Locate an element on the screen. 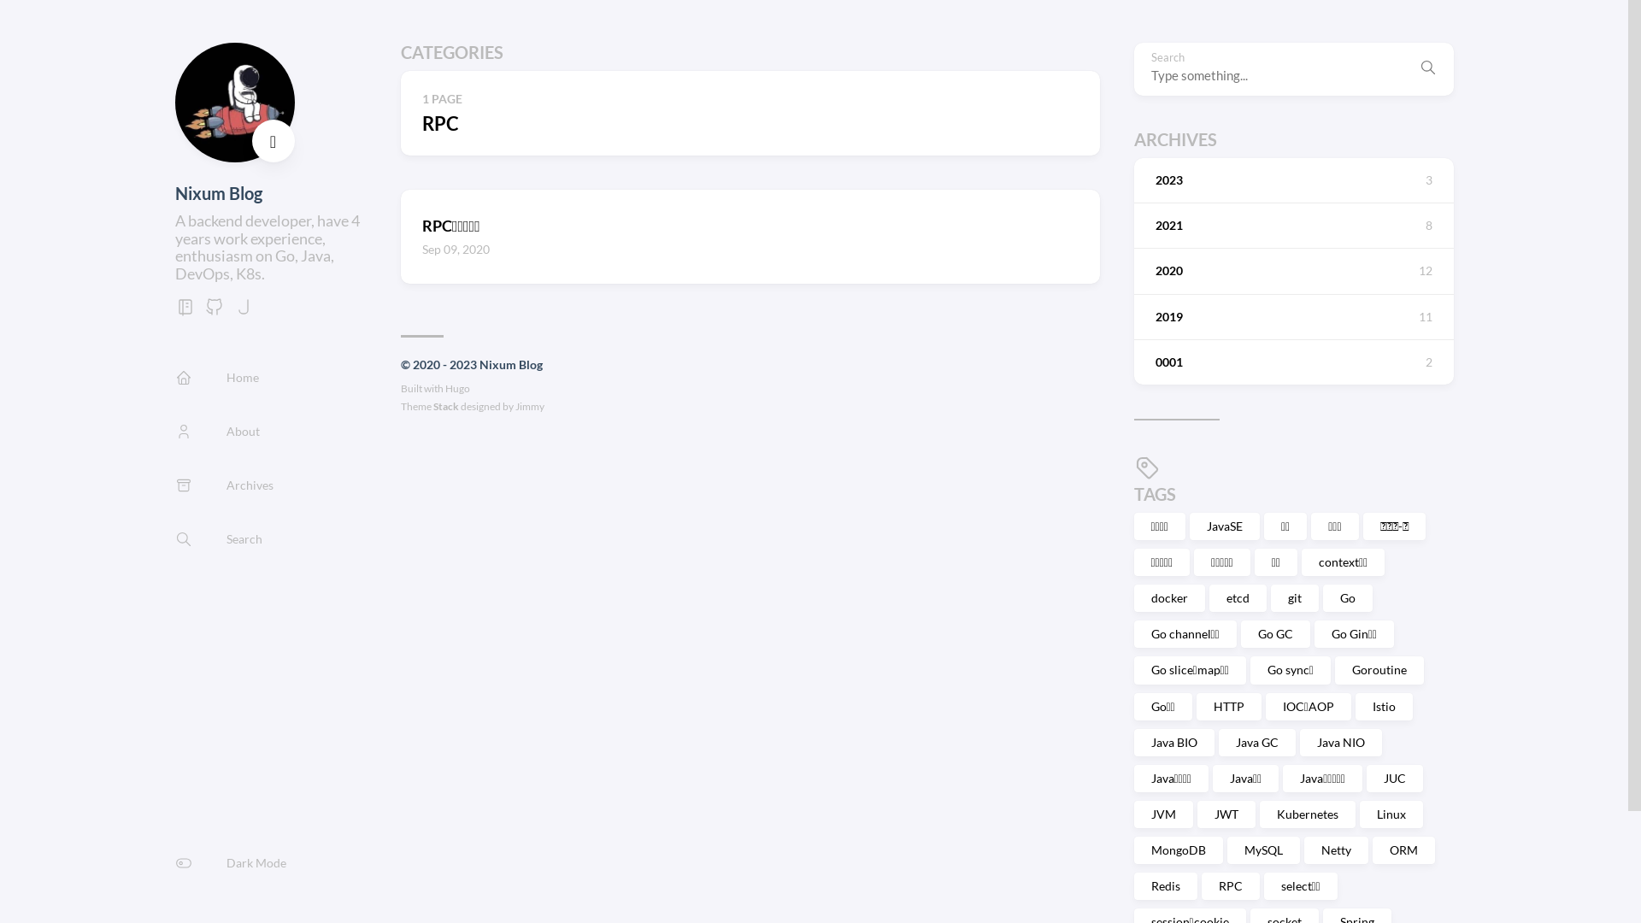 The width and height of the screenshot is (1641, 923). 'Go' is located at coordinates (1322, 597).